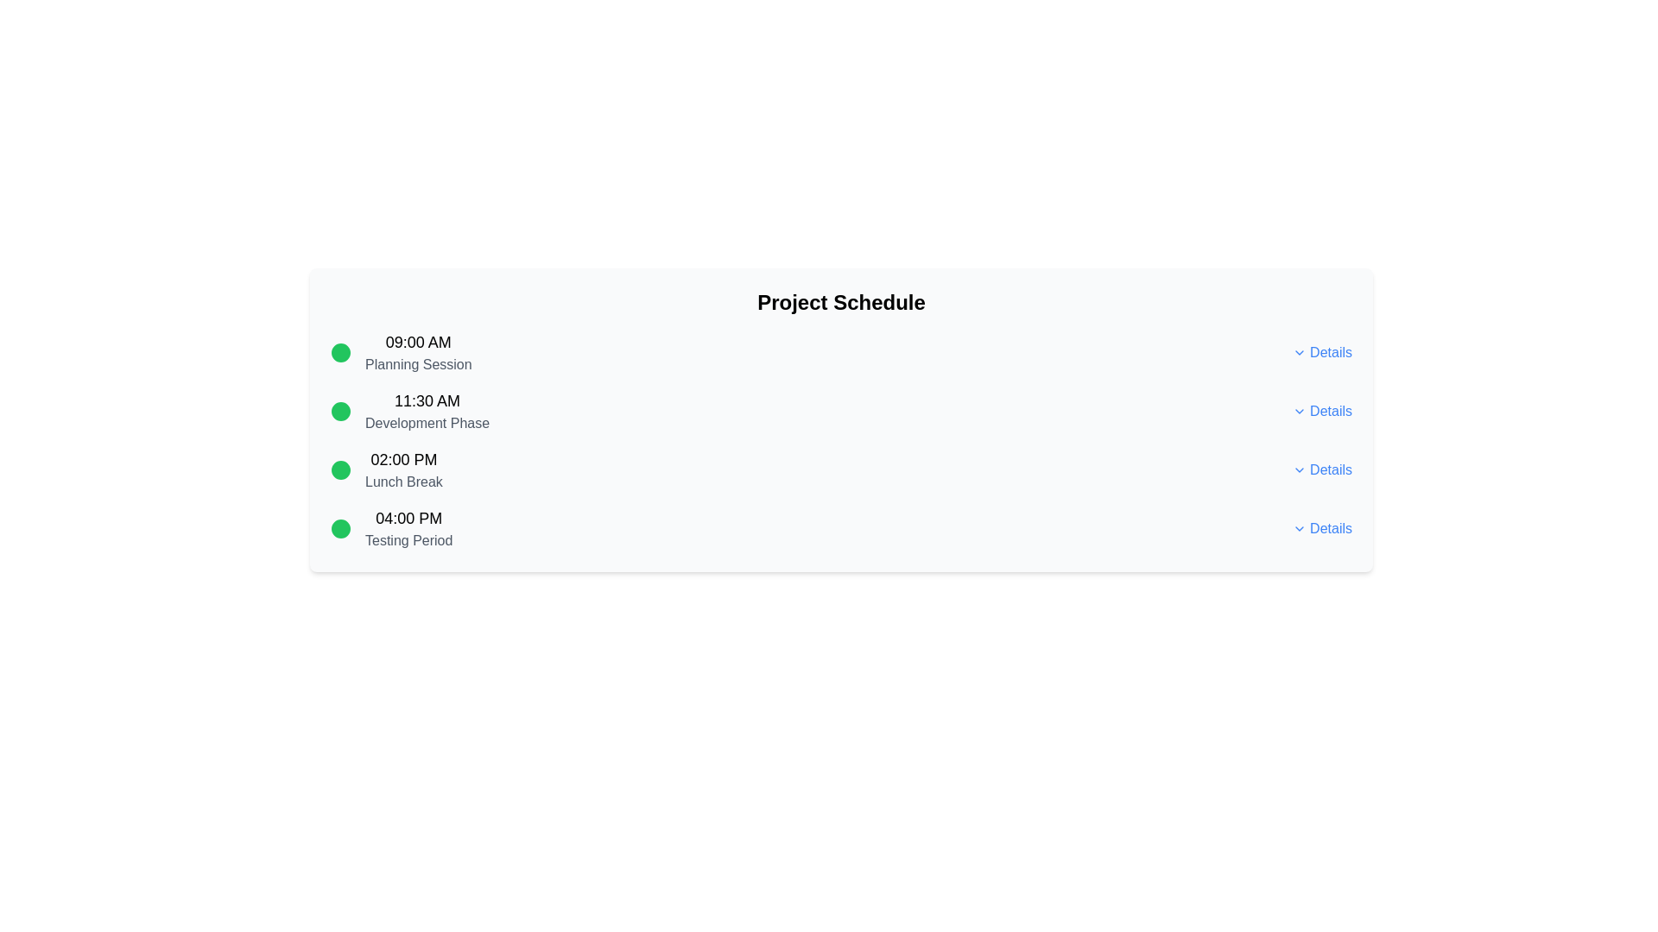 The image size is (1658, 932). Describe the element at coordinates (418, 343) in the screenshot. I see `the time indicator text label for the 'Planning Session'` at that location.